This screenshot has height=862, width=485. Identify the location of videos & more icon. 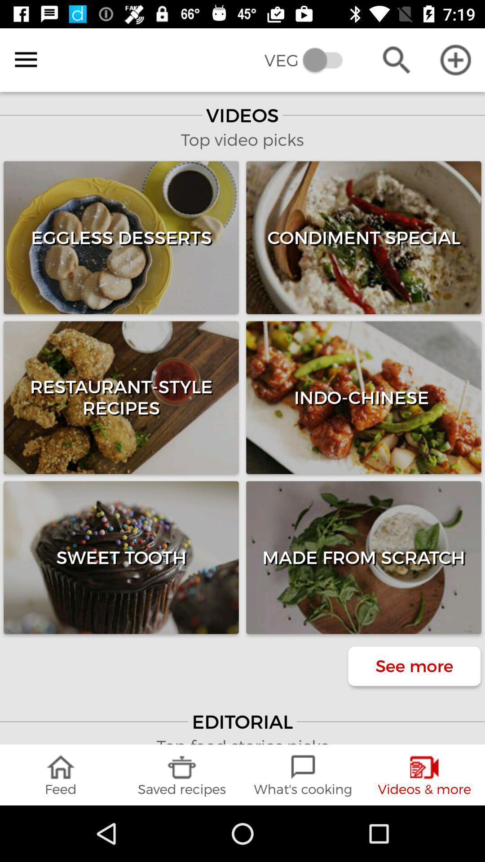
(424, 774).